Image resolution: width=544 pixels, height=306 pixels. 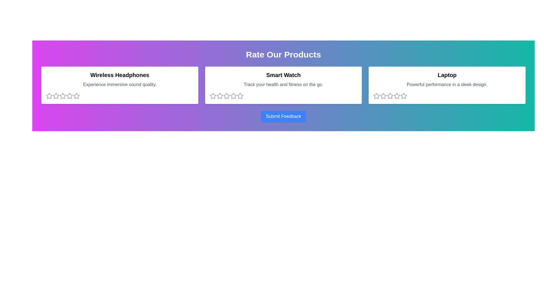 I want to click on the 1 star for the product Wireless Headphones to set its rating, so click(x=49, y=96).